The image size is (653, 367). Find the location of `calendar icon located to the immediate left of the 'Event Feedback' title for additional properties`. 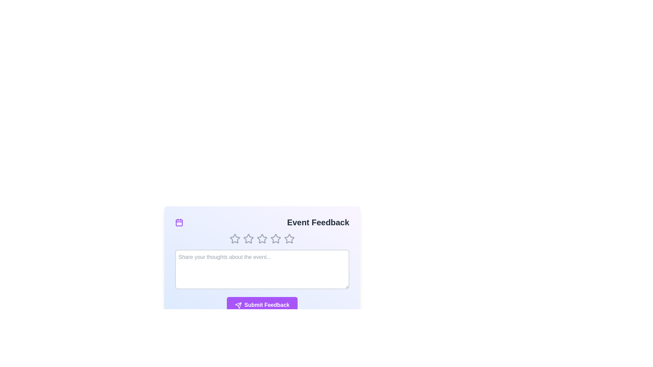

calendar icon located to the immediate left of the 'Event Feedback' title for additional properties is located at coordinates (179, 223).